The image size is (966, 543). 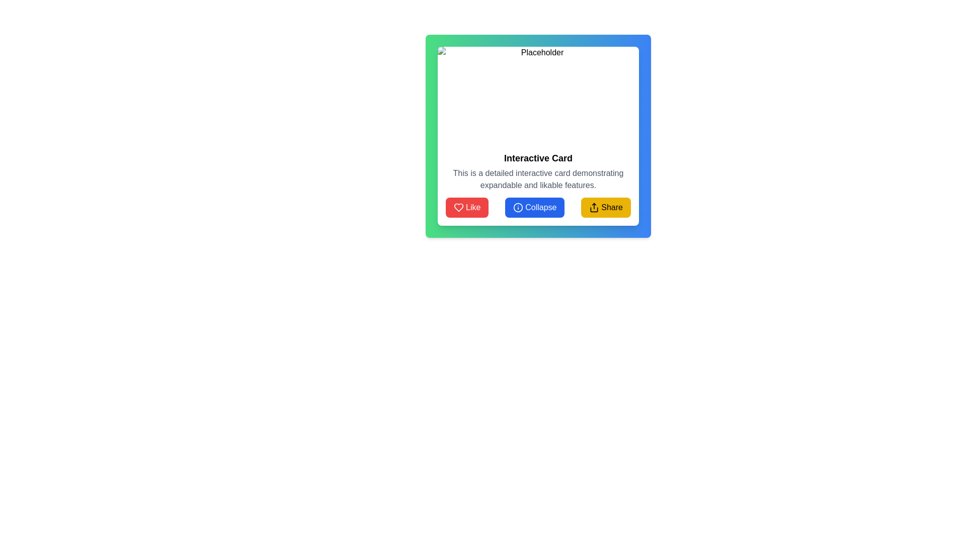 What do you see at coordinates (458, 207) in the screenshot?
I see `the heart icon button located at the bottom left of the card layout to like the content` at bounding box center [458, 207].